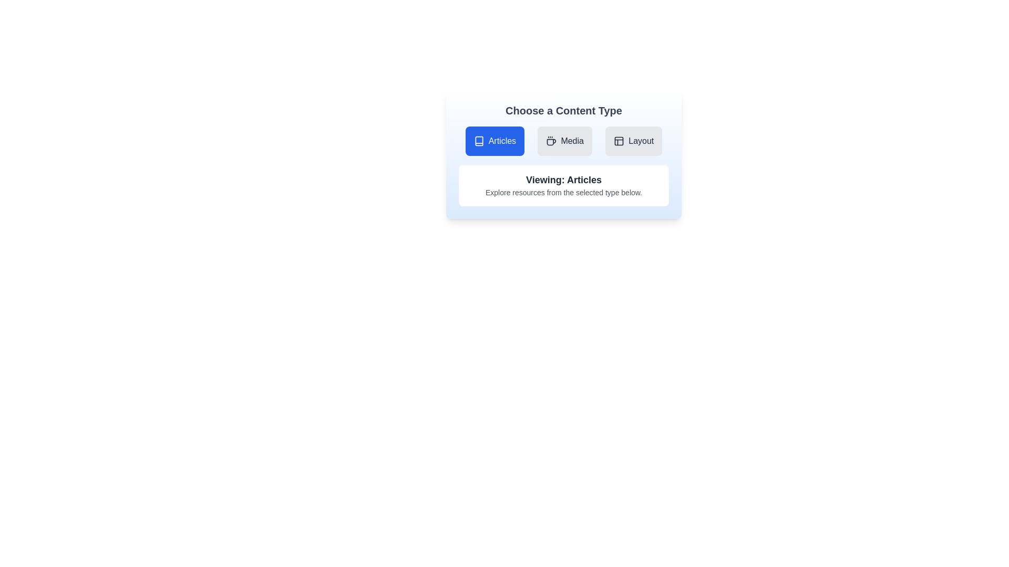 The width and height of the screenshot is (1009, 567). Describe the element at coordinates (564, 141) in the screenshot. I see `the 'Media' navigation button` at that location.